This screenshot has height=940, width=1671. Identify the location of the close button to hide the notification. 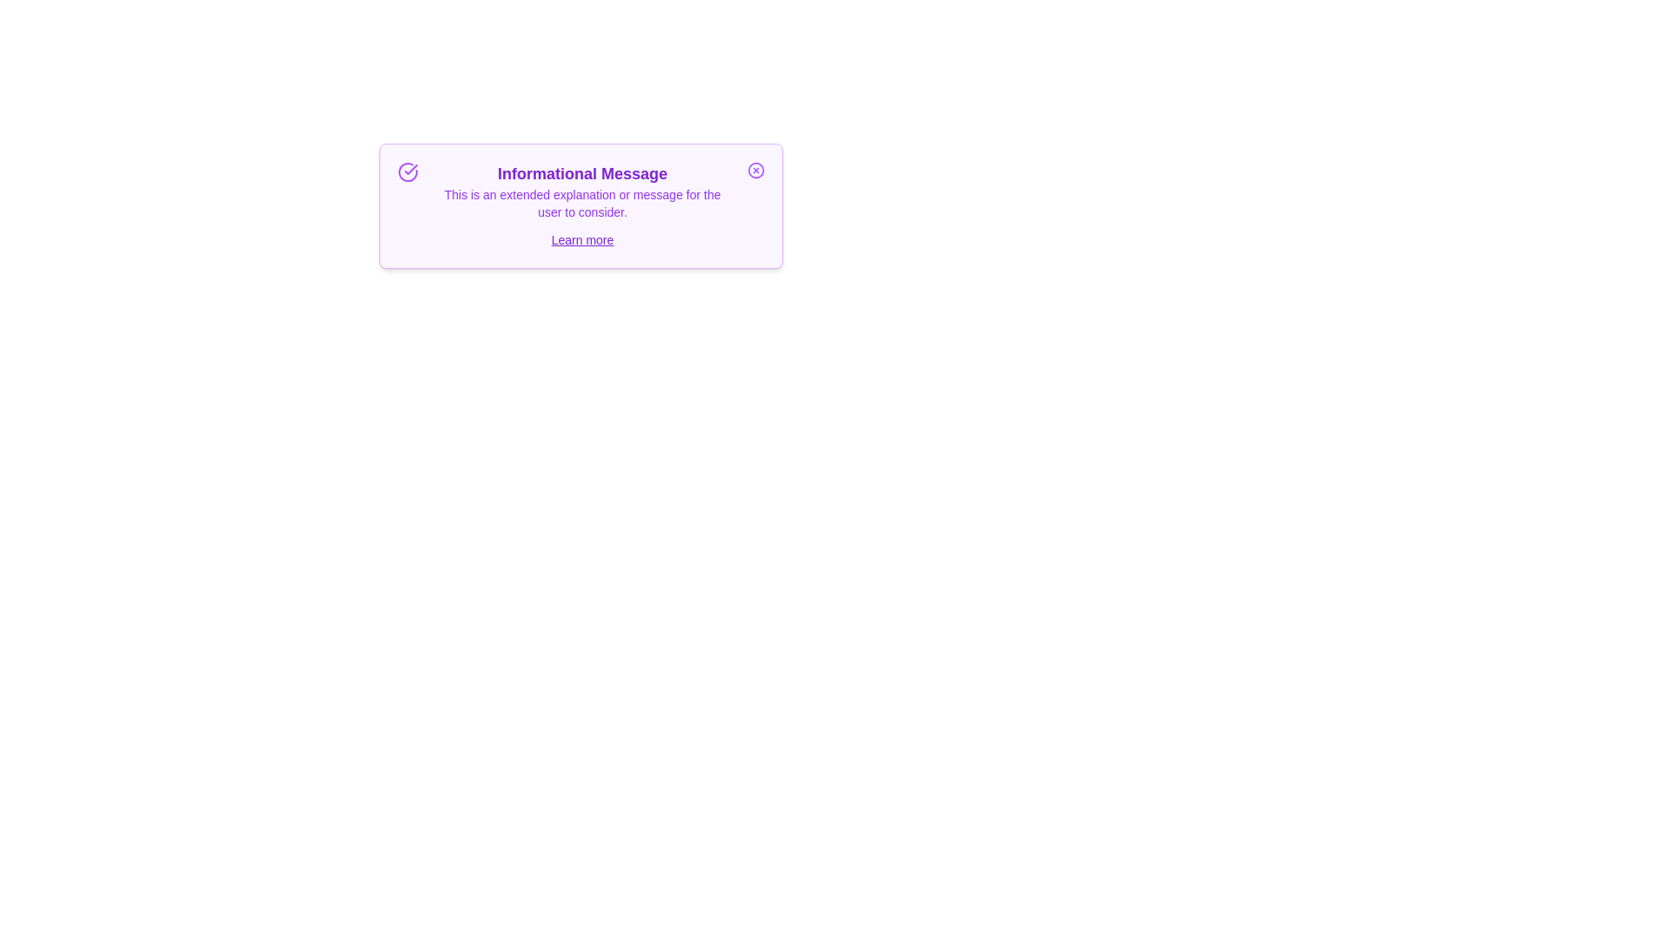
(755, 171).